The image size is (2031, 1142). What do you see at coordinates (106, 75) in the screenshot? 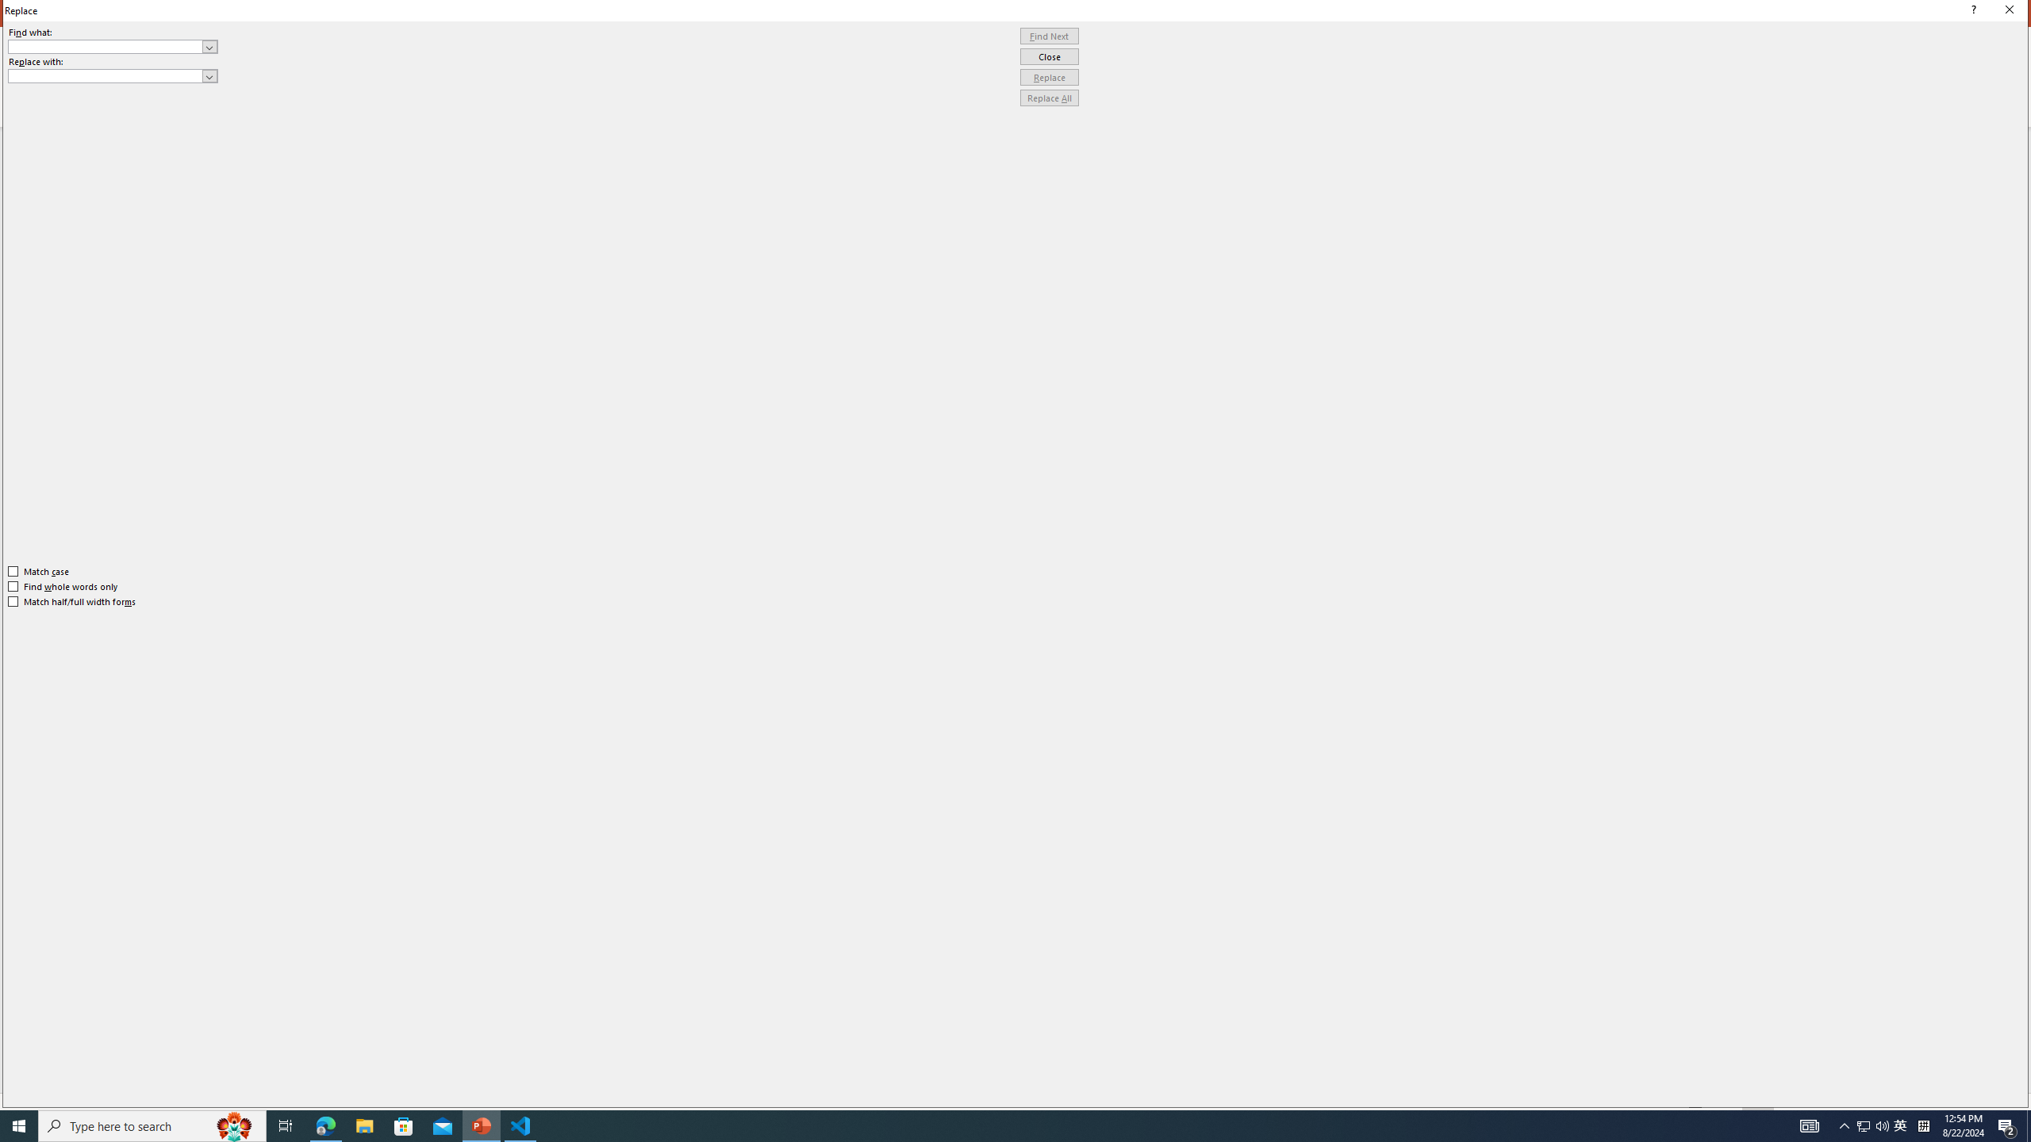
I see `'Replace with'` at bounding box center [106, 75].